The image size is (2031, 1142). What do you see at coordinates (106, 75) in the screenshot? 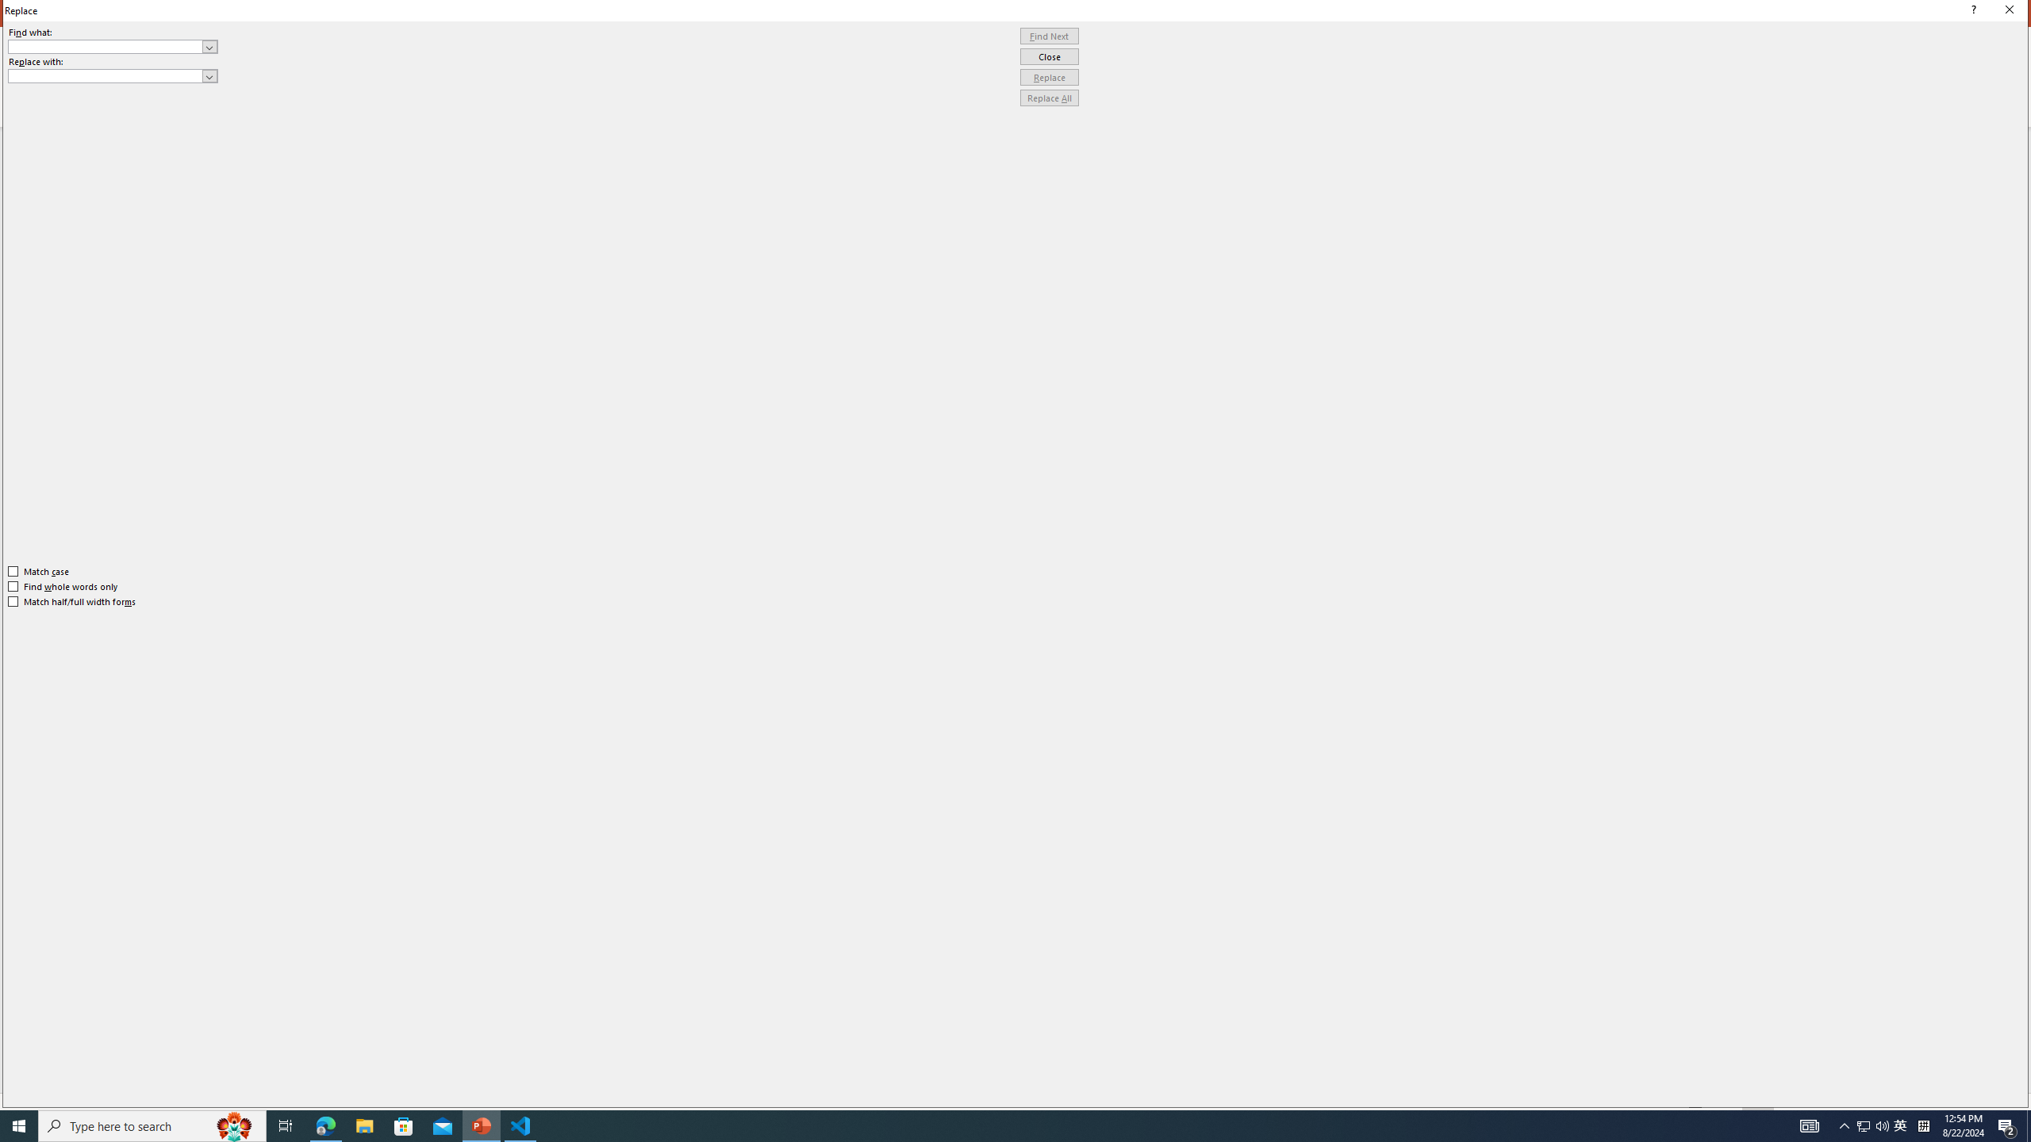
I see `'Replace with'` at bounding box center [106, 75].